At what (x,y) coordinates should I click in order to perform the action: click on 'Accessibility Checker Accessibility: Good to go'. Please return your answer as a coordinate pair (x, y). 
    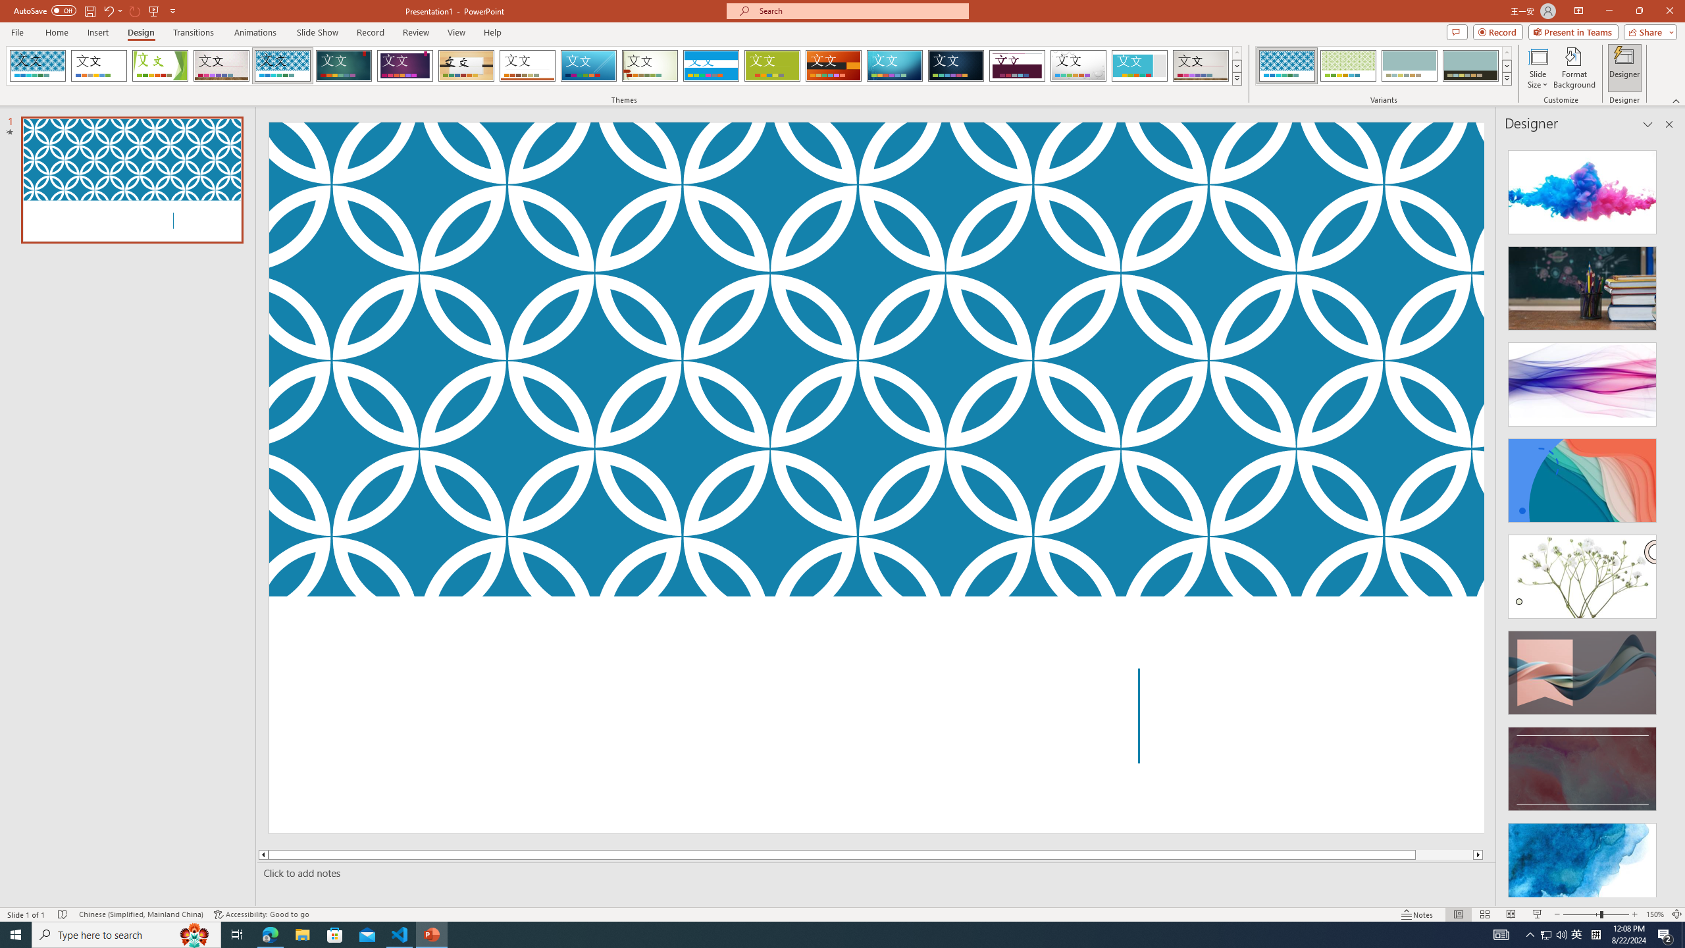
    Looking at the image, I should click on (262, 914).